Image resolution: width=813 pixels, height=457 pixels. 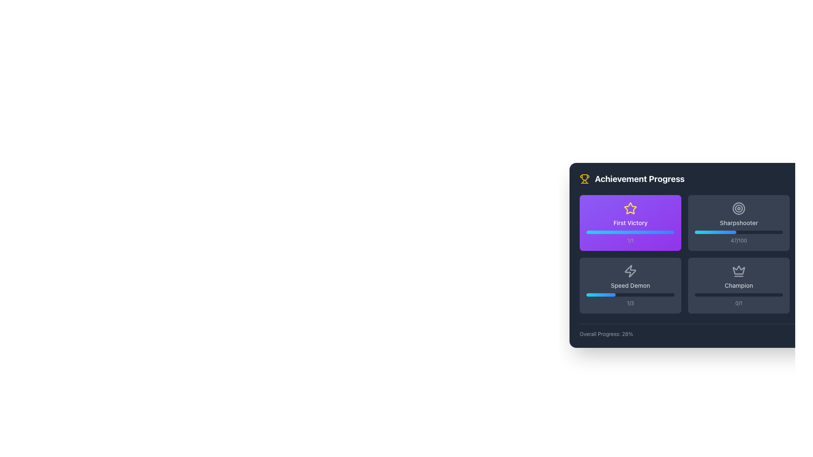 What do you see at coordinates (738, 295) in the screenshot?
I see `the thin, horizontal progress bar with a dark gray background located below the text 'Champion' and '0/1' in the bottom-right section of the interface` at bounding box center [738, 295].